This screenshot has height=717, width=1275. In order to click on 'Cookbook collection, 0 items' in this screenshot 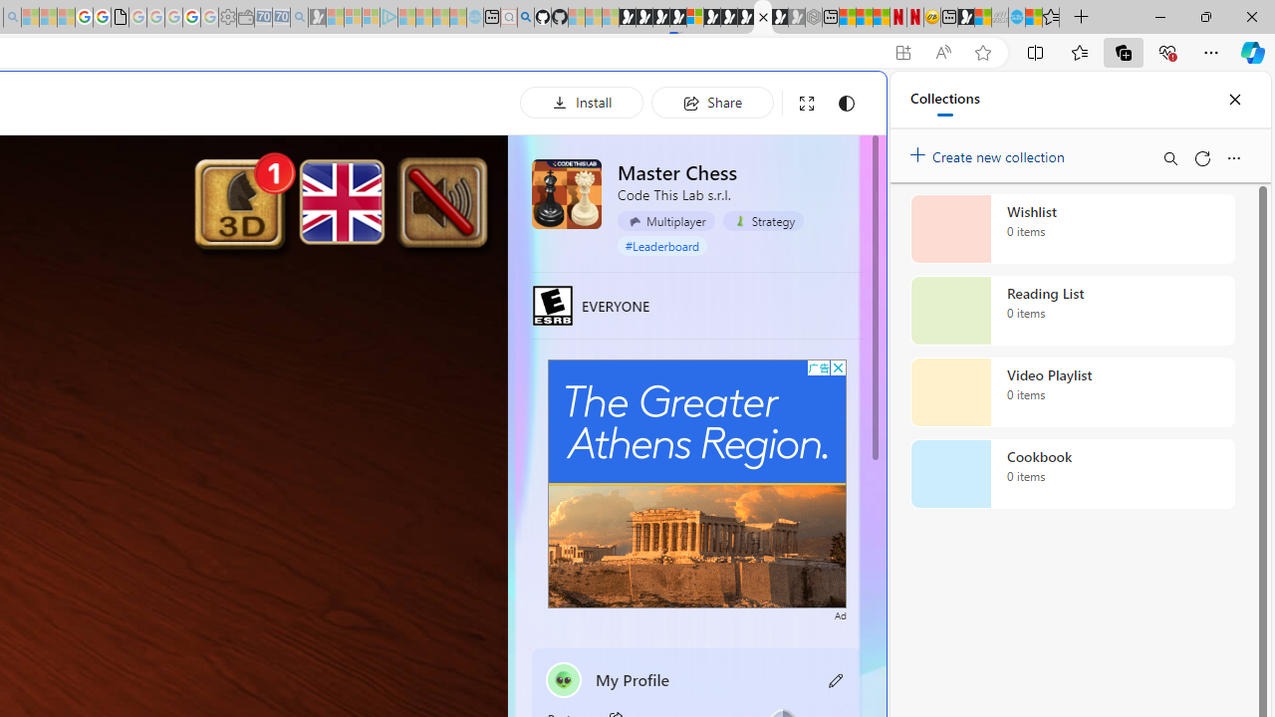, I will do `click(1072, 473)`.